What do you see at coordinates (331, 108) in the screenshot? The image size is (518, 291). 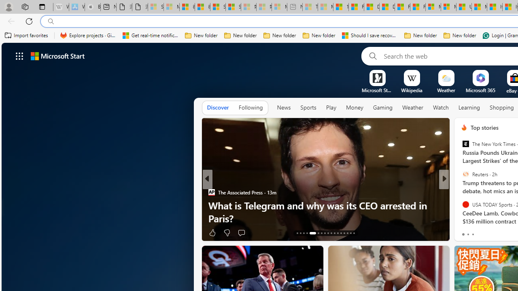 I see `'Play'` at bounding box center [331, 108].